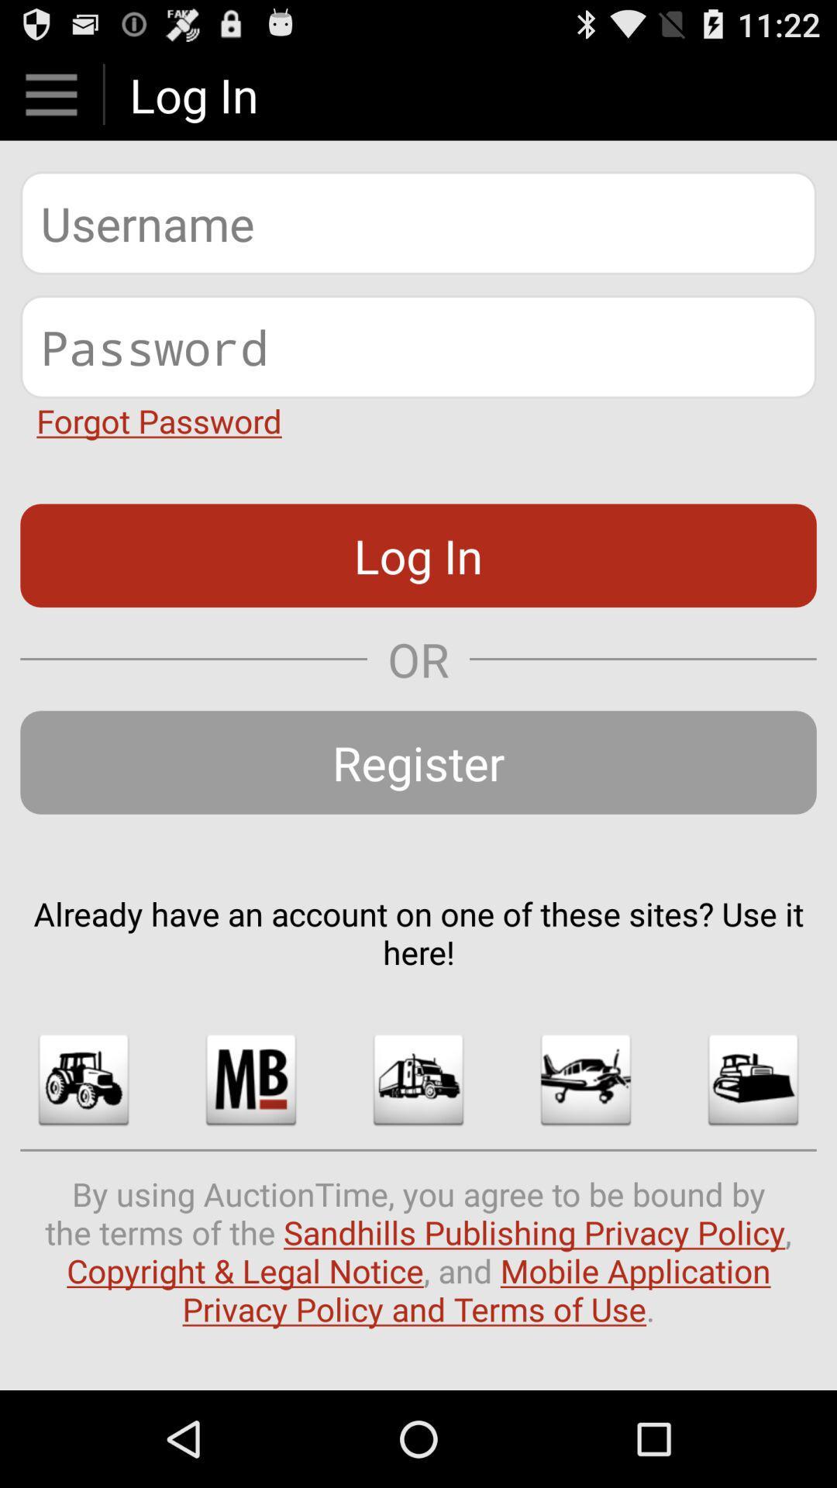  What do you see at coordinates (84, 1079) in the screenshot?
I see `item below the already have an icon` at bounding box center [84, 1079].